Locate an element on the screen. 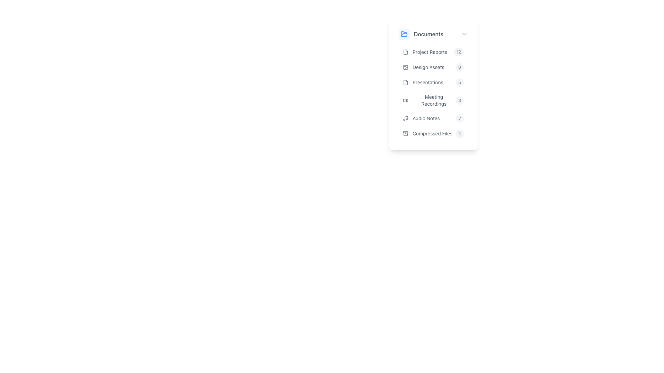 The image size is (664, 373). the text label reading 'Meeting Recordings' located in the fourth row under the 'Documents' section to change its color is located at coordinates (433, 100).